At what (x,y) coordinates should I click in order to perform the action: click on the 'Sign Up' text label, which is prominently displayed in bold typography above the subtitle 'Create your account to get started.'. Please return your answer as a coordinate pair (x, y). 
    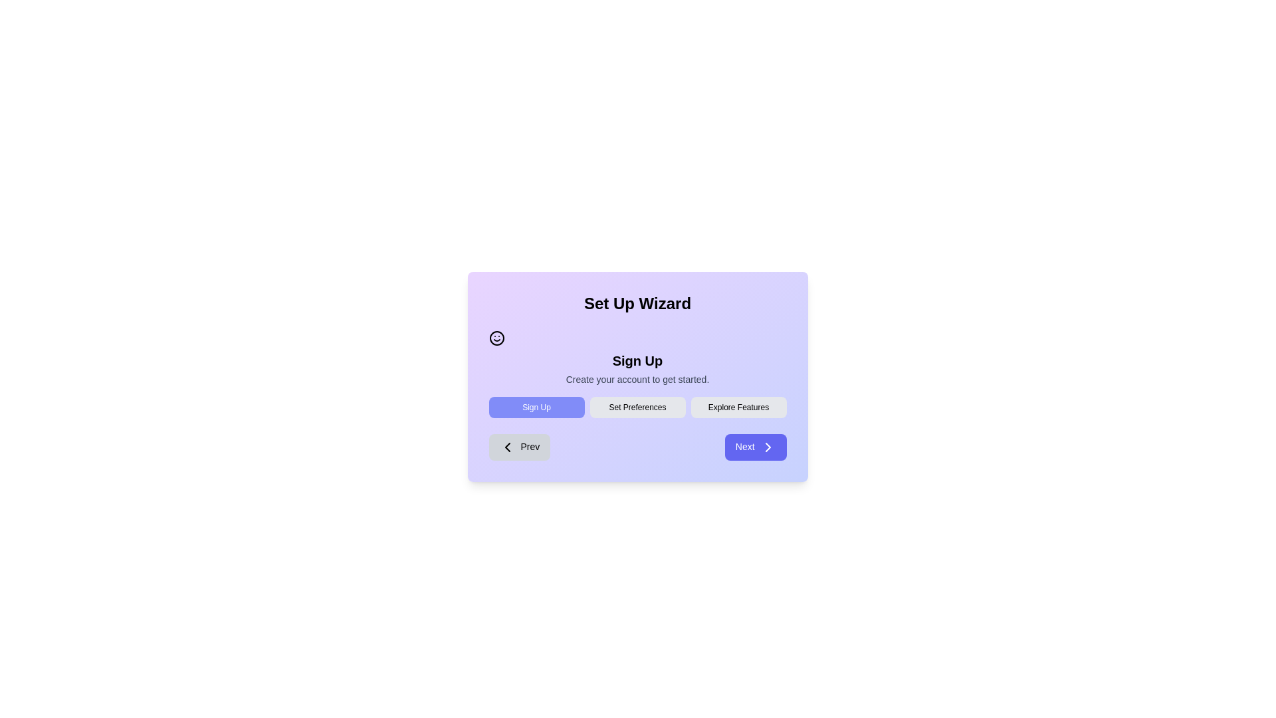
    Looking at the image, I should click on (637, 361).